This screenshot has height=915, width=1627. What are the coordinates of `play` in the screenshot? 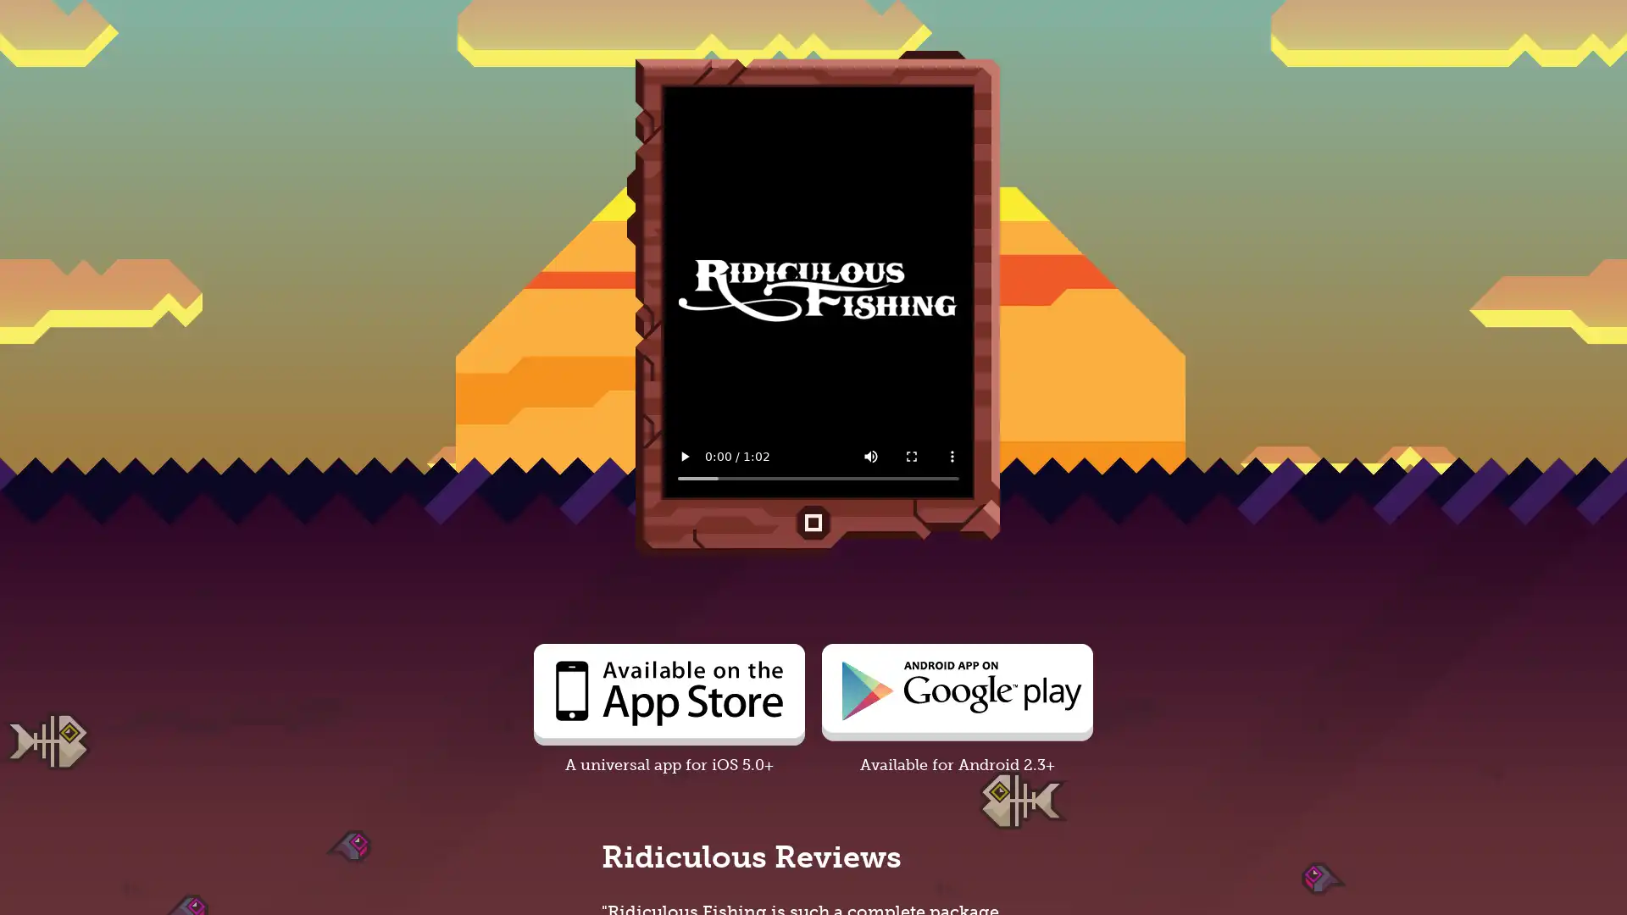 It's located at (684, 456).